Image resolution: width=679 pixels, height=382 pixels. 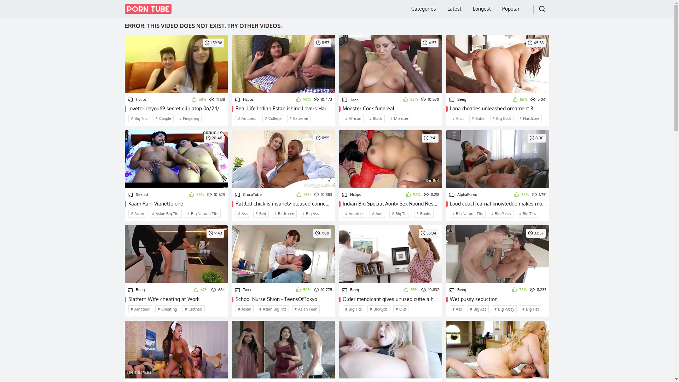 What do you see at coordinates (247, 118) in the screenshot?
I see `'Amateur'` at bounding box center [247, 118].